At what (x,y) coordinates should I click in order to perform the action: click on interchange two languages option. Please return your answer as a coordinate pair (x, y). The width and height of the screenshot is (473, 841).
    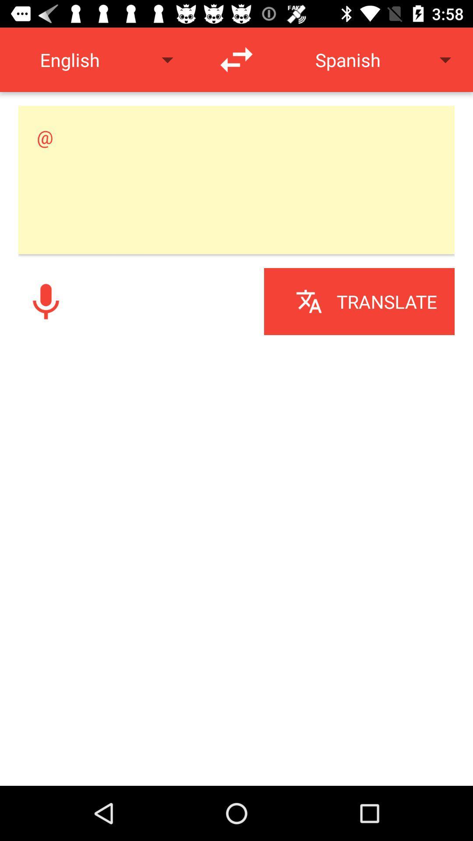
    Looking at the image, I should click on (236, 59).